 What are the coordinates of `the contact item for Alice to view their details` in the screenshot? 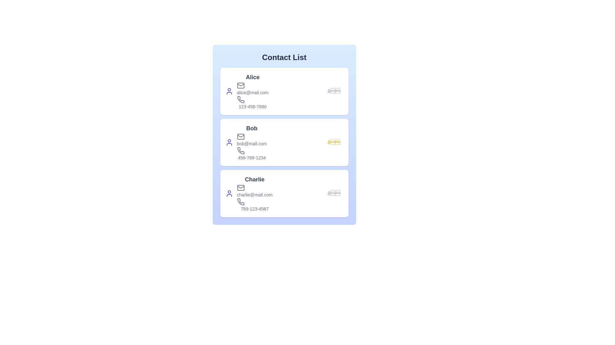 It's located at (284, 91).